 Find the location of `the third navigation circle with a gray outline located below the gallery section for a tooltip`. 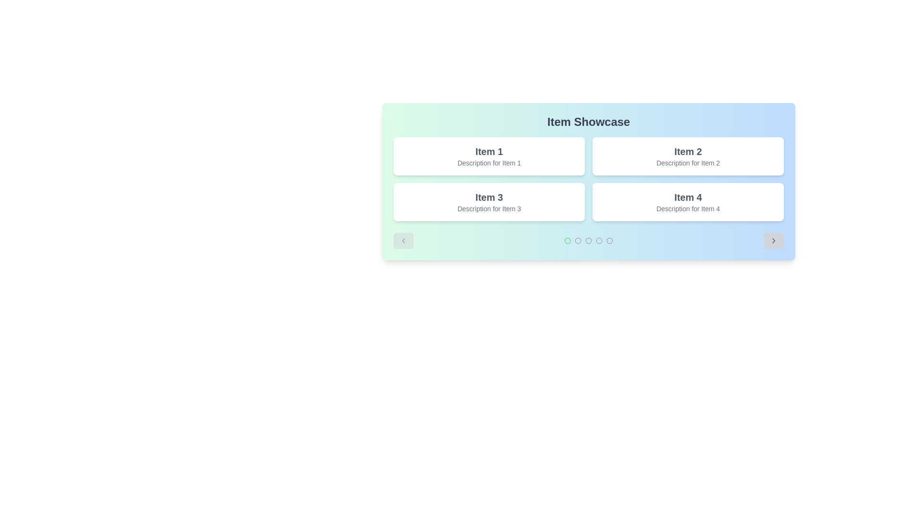

the third navigation circle with a gray outline located below the gallery section for a tooltip is located at coordinates (588, 240).